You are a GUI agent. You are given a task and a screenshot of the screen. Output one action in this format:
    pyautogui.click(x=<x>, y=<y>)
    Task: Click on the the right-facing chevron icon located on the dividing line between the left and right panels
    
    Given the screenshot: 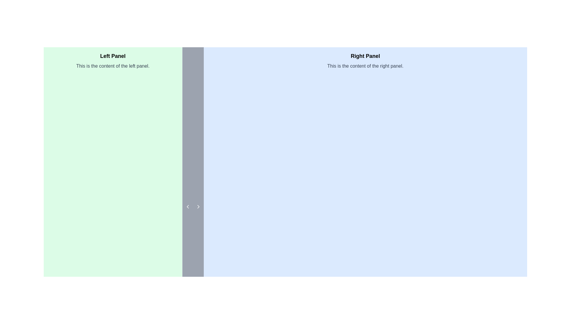 What is the action you would take?
    pyautogui.click(x=198, y=206)
    